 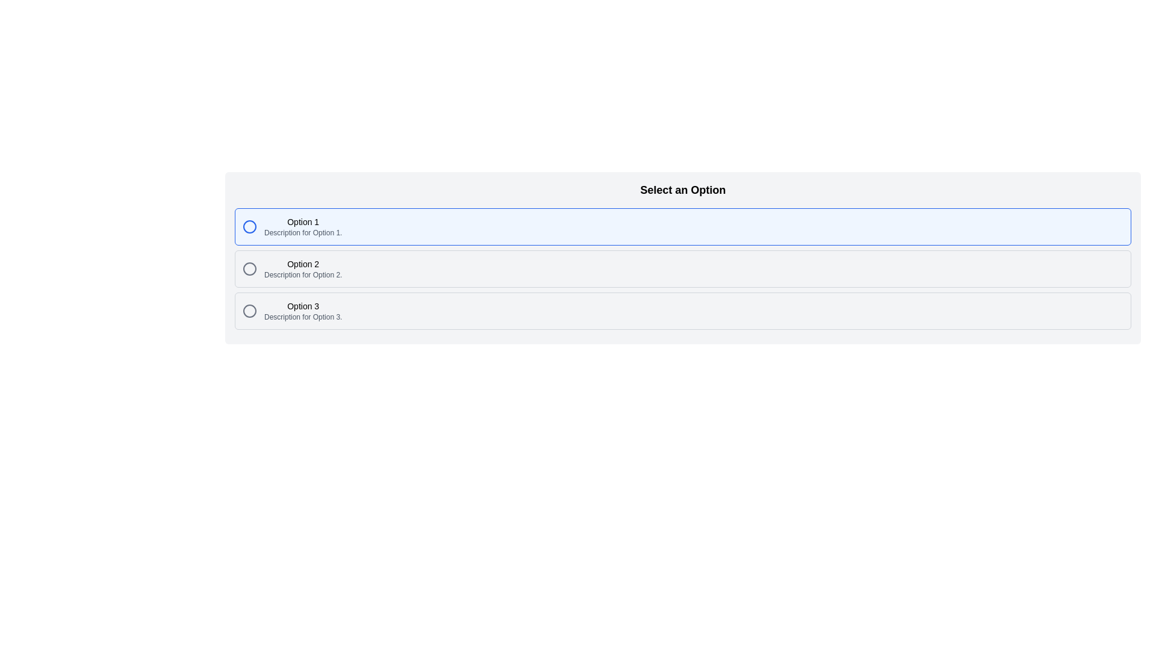 What do you see at coordinates (303, 268) in the screenshot?
I see `the descriptive text label for 'Option 2', which provides both a title and subtitle for the associated option, positioned between 'Option 1' and 'Option 3'` at bounding box center [303, 268].